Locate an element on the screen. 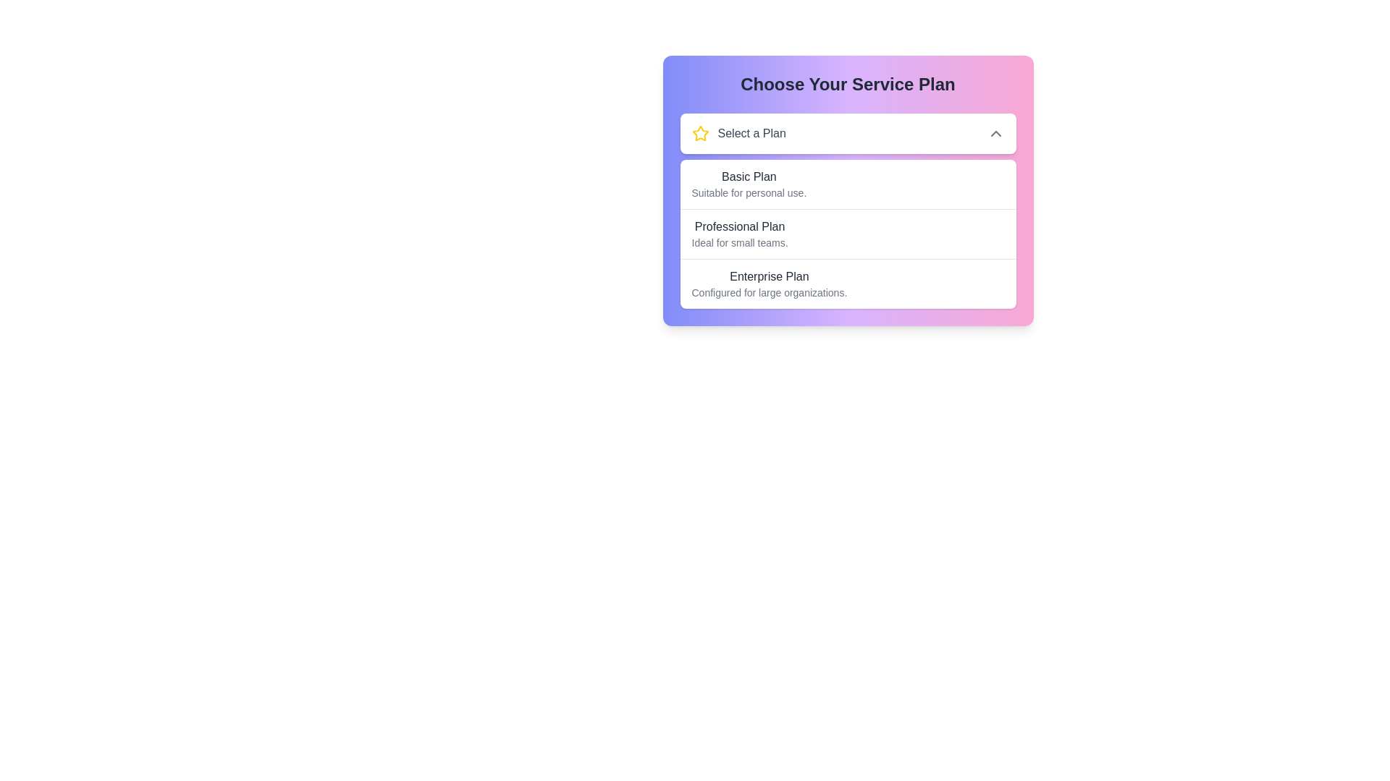  the first option in the vertically stacked list of plans labeled 'Basic Plan', which is styled in bold and is suitable for personal use, located under the dropdown for plan selection is located at coordinates (848, 183).